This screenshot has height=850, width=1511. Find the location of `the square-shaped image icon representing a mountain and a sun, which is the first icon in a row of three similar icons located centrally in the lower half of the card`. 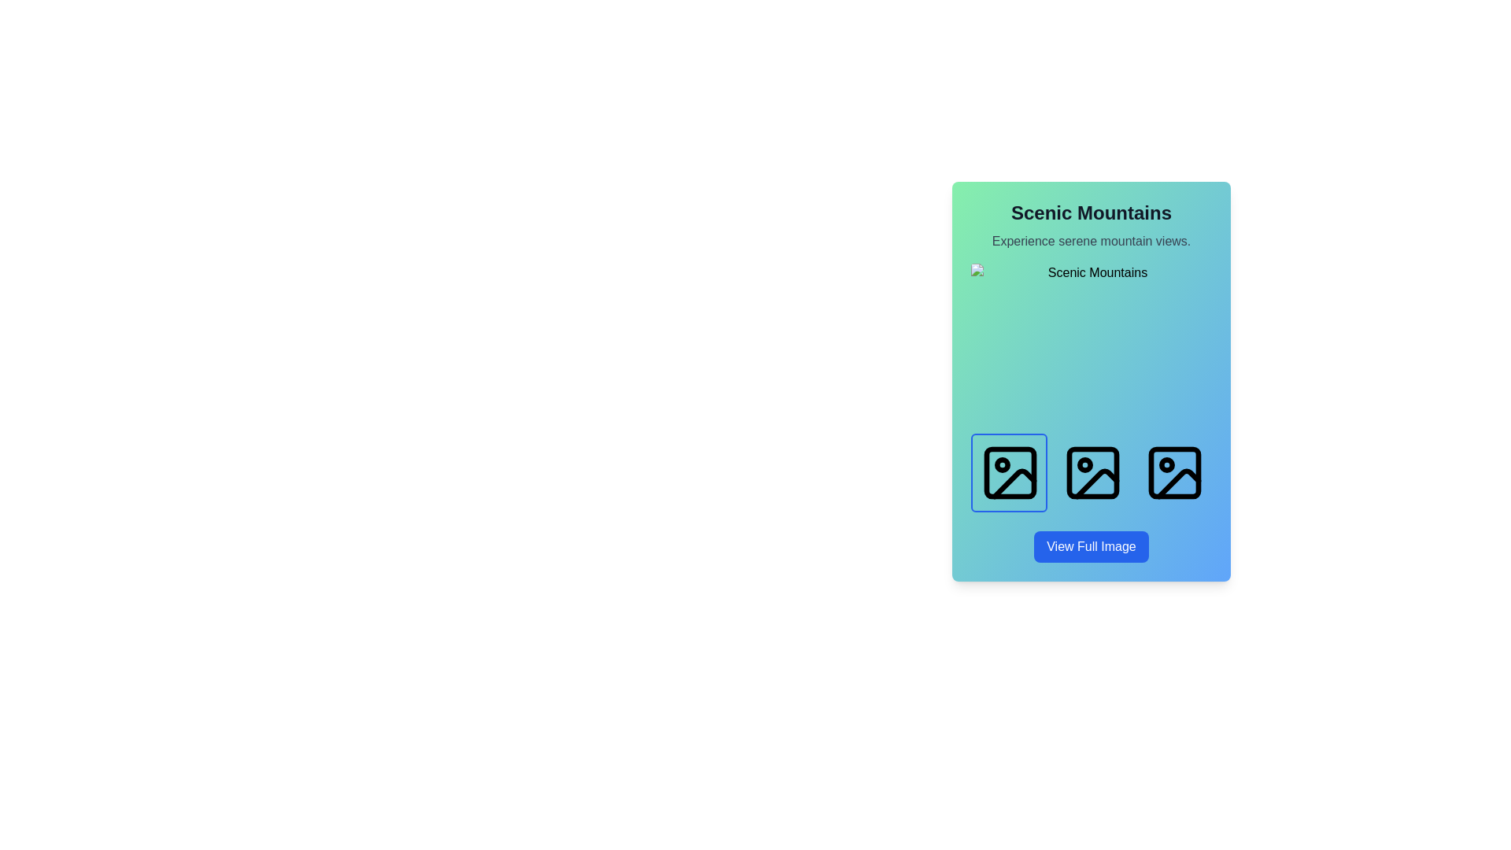

the square-shaped image icon representing a mountain and a sun, which is the first icon in a row of three similar icons located centrally in the lower half of the card is located at coordinates (1010, 472).